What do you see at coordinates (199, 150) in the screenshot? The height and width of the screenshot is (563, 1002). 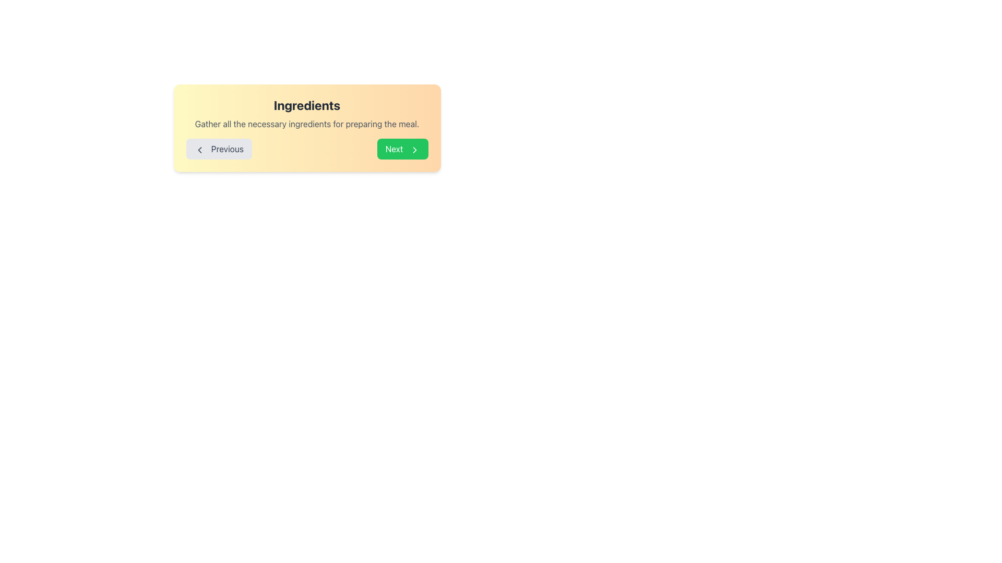 I see `the 'Previous' button which contains the navigation icon on its left side` at bounding box center [199, 150].